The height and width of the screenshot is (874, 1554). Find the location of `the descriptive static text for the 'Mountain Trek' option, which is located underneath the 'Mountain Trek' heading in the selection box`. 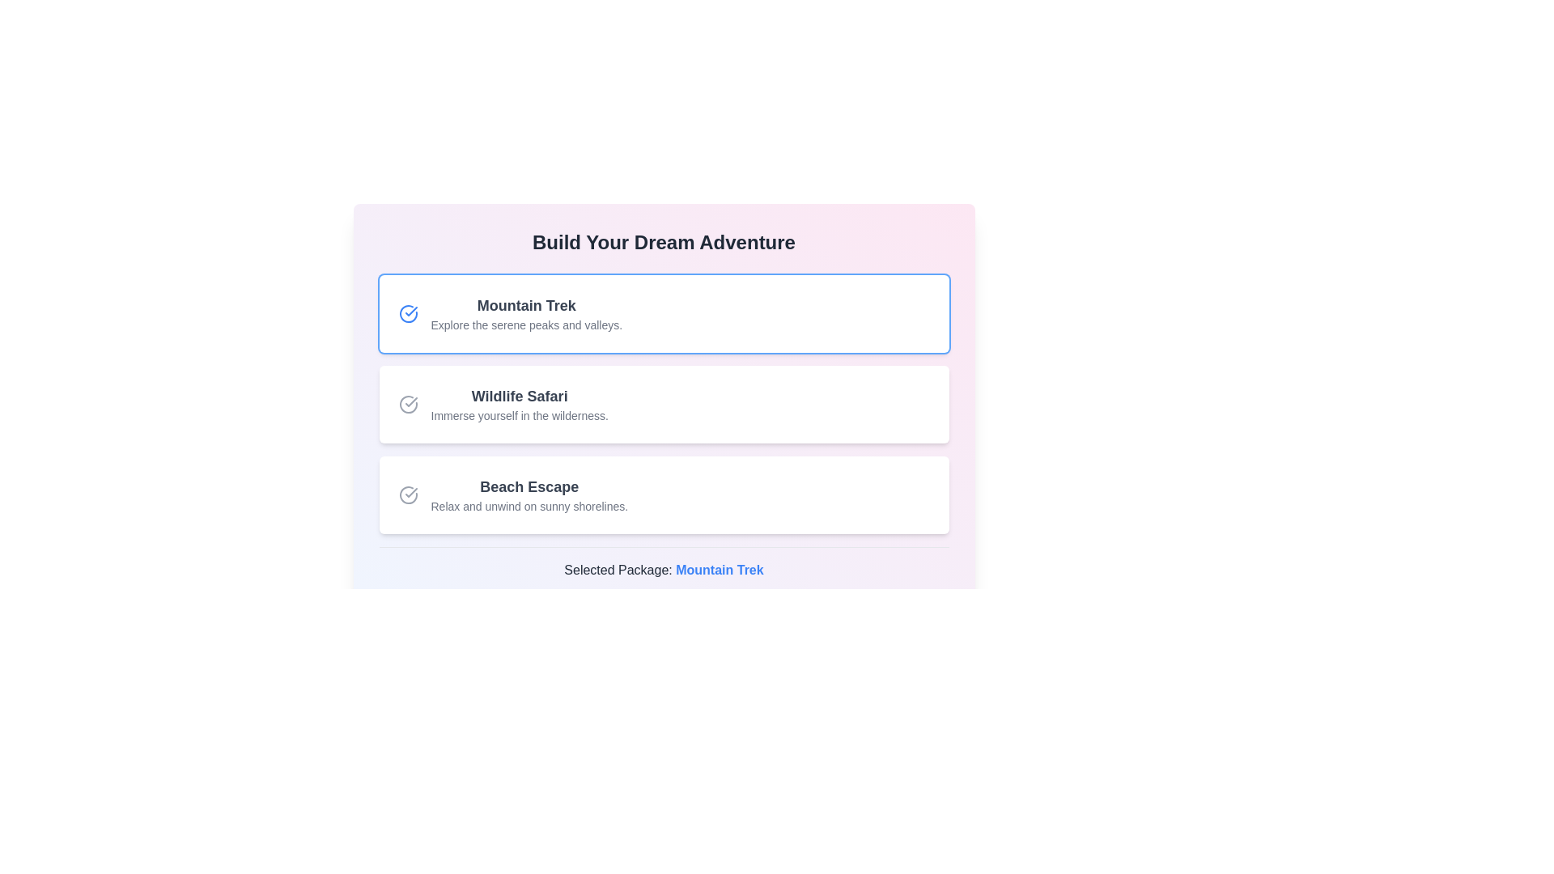

the descriptive static text for the 'Mountain Trek' option, which is located underneath the 'Mountain Trek' heading in the selection box is located at coordinates (526, 325).